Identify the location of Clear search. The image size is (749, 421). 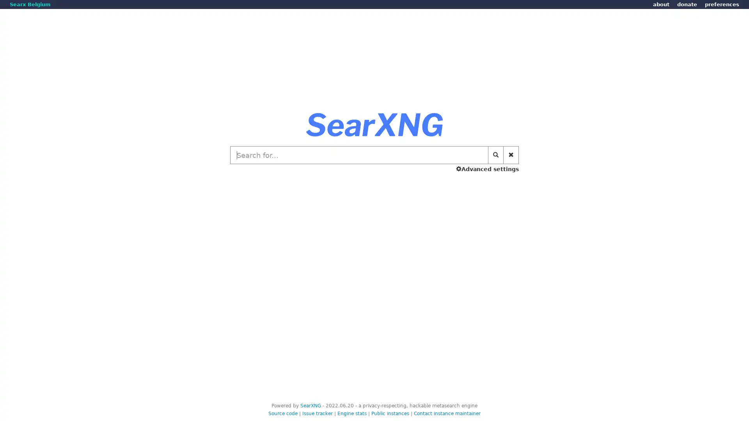
(511, 155).